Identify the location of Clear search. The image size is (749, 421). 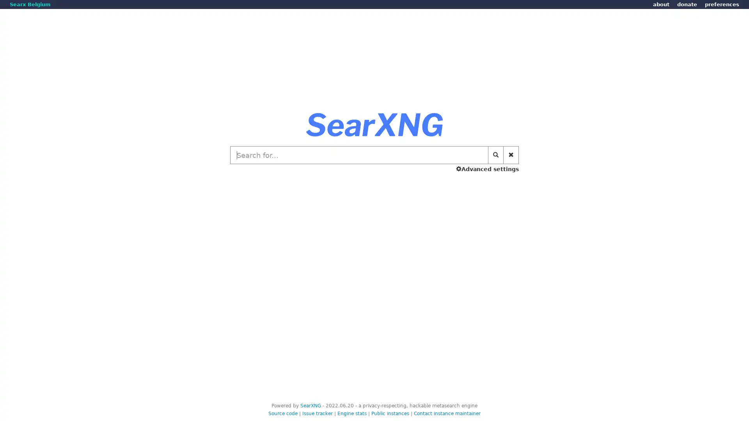
(511, 155).